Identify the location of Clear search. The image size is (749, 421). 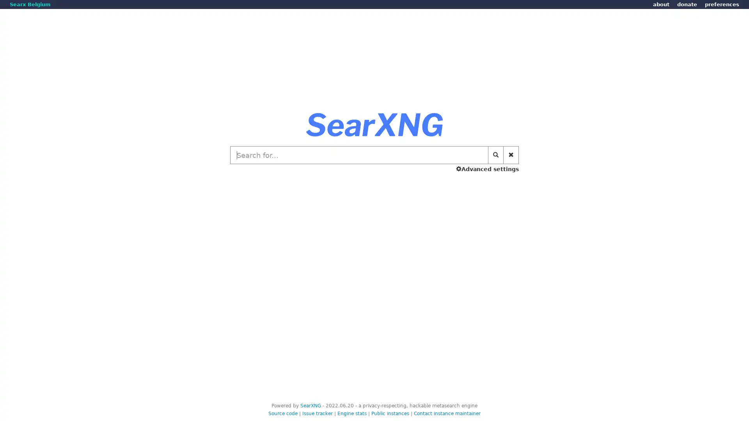
(511, 155).